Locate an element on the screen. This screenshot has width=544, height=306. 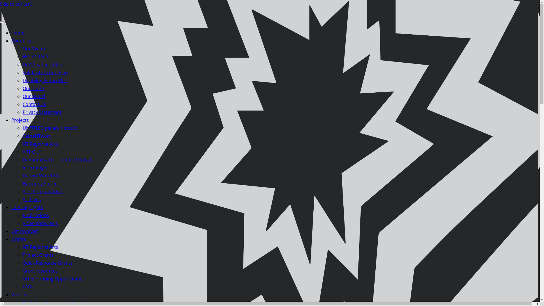
'Archives' is located at coordinates (31, 199).